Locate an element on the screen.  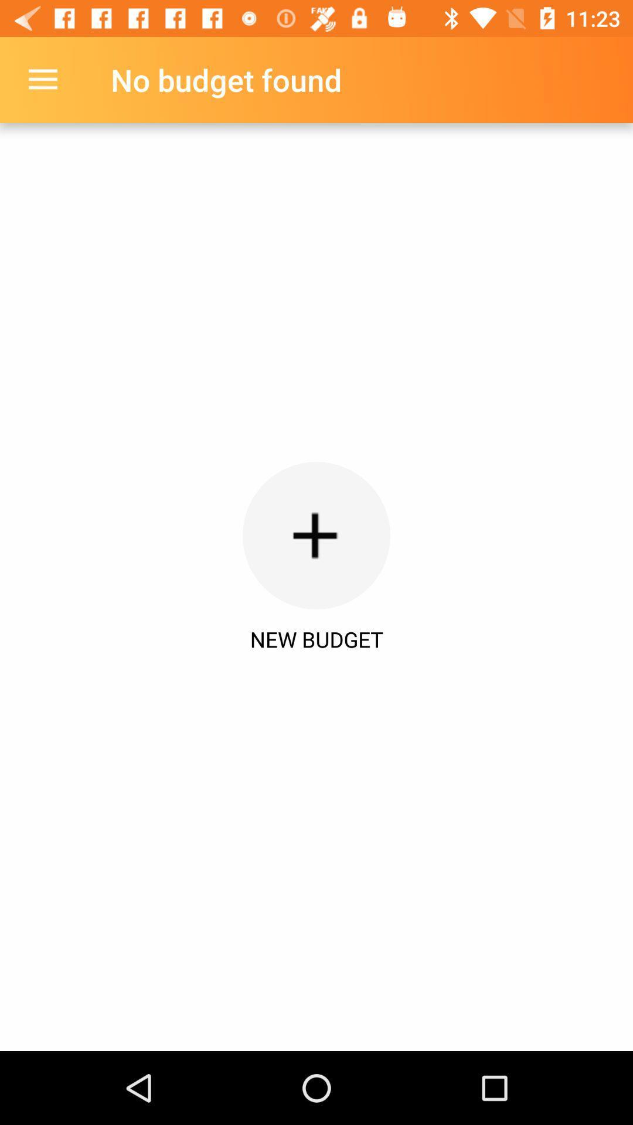
add is located at coordinates (316, 535).